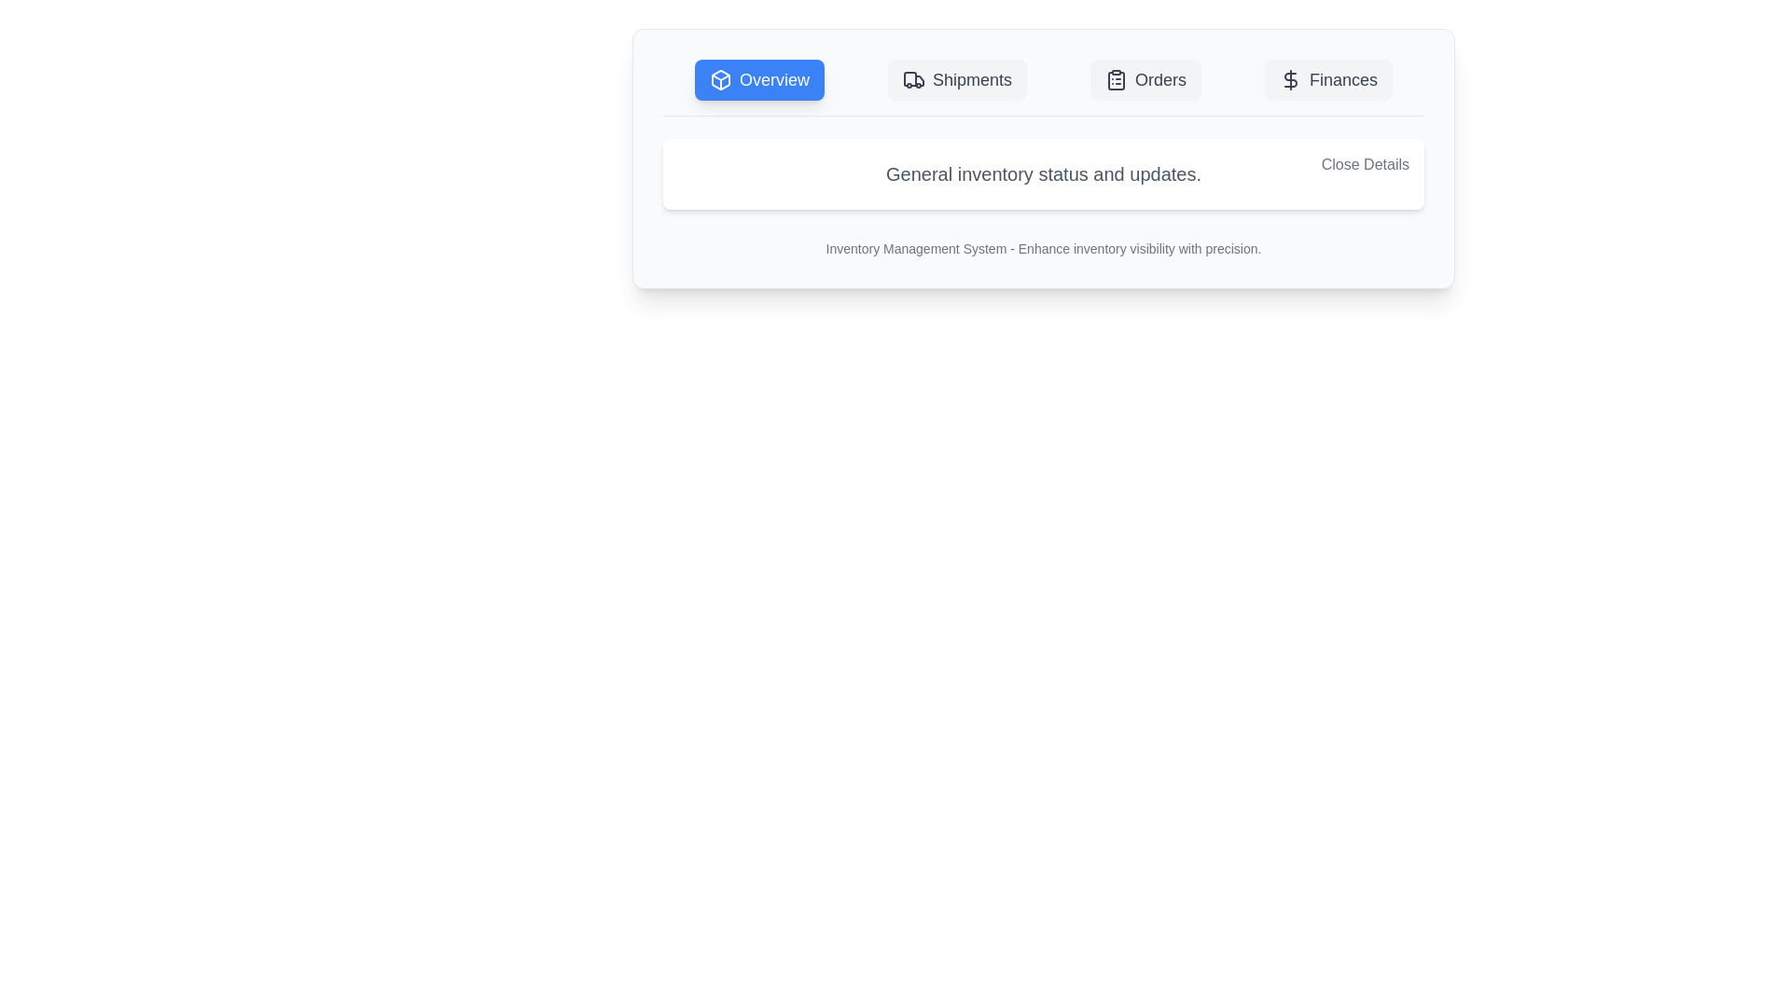 The width and height of the screenshot is (1791, 1007). What do you see at coordinates (1365, 164) in the screenshot?
I see `the 'Close Details' button to toggle the details view` at bounding box center [1365, 164].